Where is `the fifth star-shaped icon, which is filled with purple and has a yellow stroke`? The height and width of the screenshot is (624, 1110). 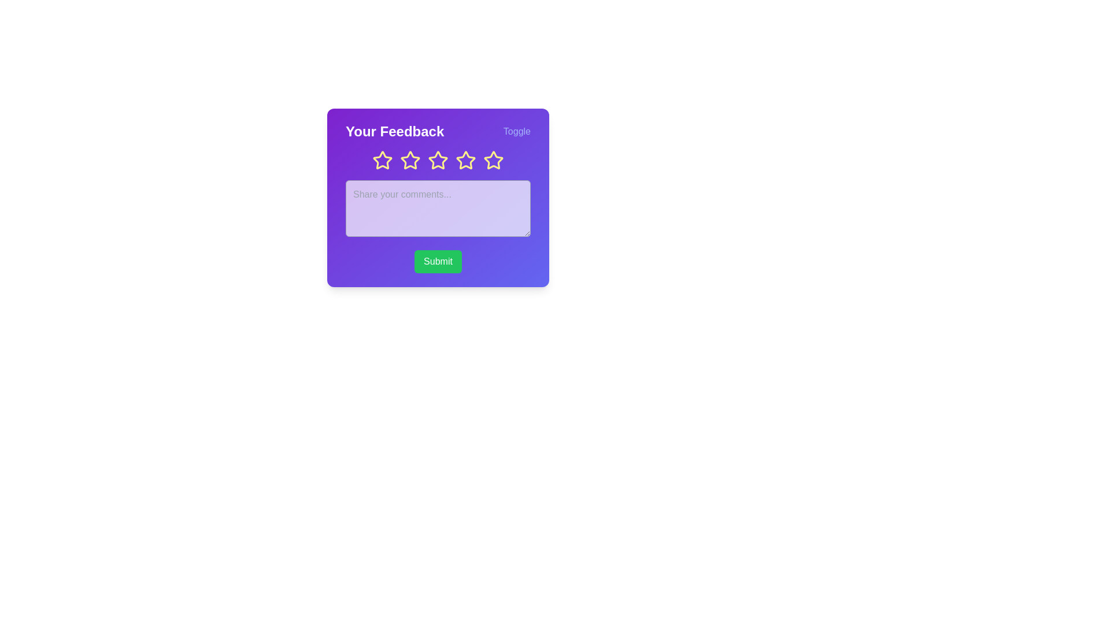
the fifth star-shaped icon, which is filled with purple and has a yellow stroke is located at coordinates (494, 160).